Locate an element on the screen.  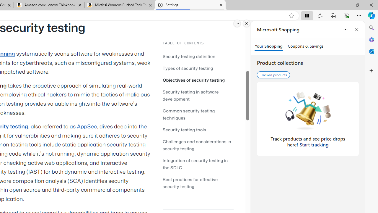
'Best practices for effective security testing' is located at coordinates (190, 183).